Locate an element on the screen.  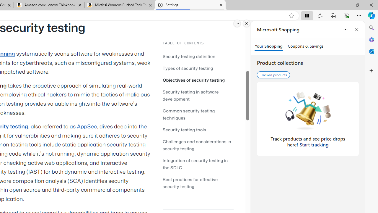
'Best practices for effective security testing' is located at coordinates (190, 183).